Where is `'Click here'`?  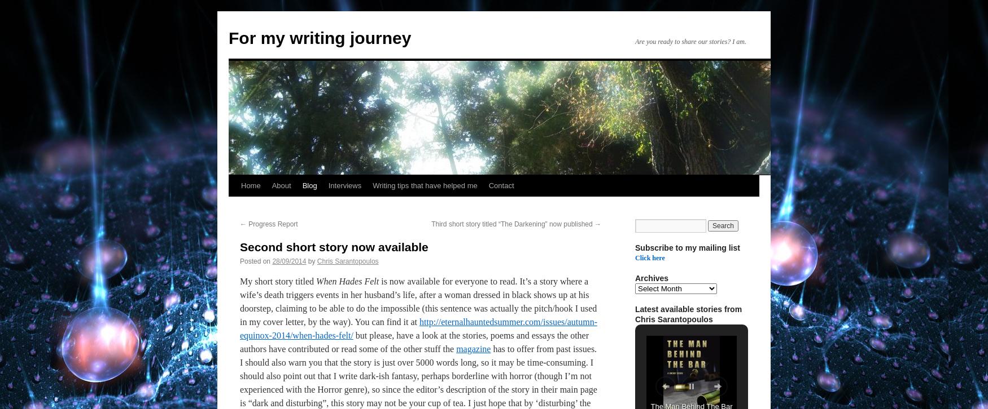
'Click here' is located at coordinates (649, 258).